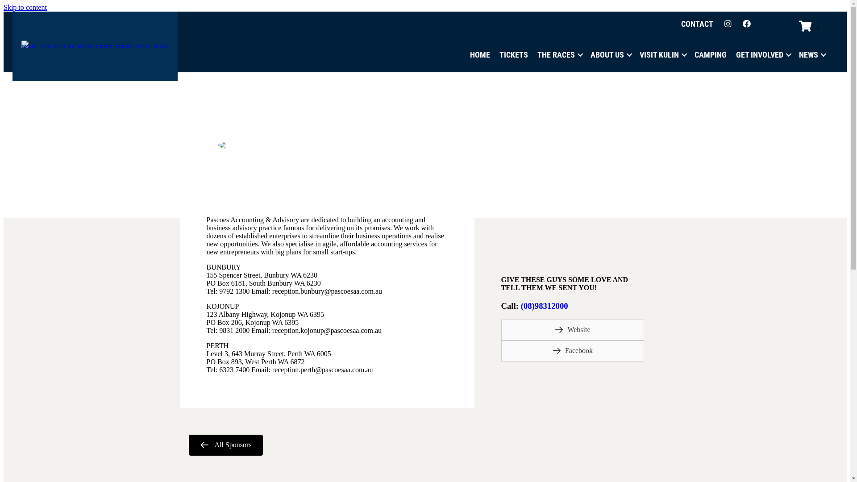  I want to click on 'THE RACES', so click(533, 55).